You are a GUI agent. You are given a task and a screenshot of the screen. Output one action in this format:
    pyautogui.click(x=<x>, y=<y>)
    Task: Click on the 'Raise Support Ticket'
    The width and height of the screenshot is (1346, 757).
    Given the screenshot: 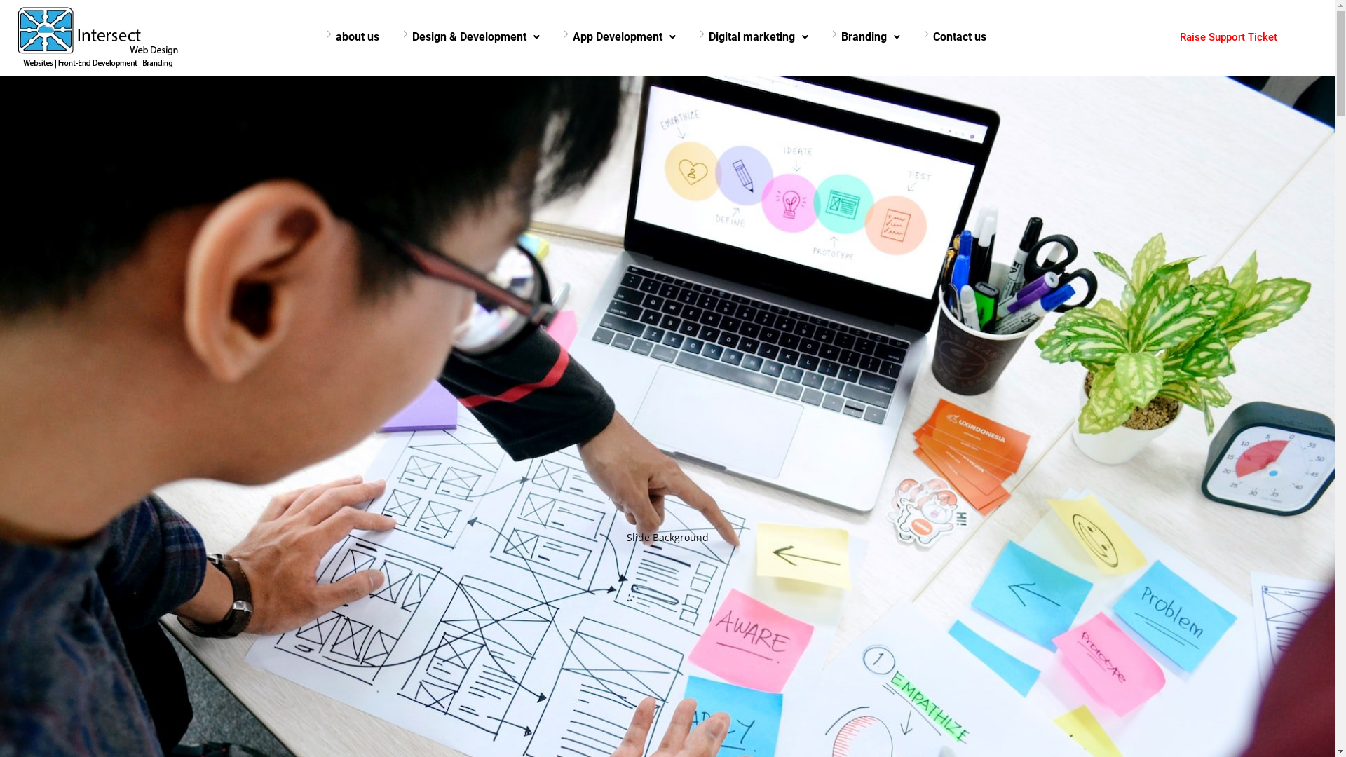 What is the action you would take?
    pyautogui.click(x=1228, y=36)
    